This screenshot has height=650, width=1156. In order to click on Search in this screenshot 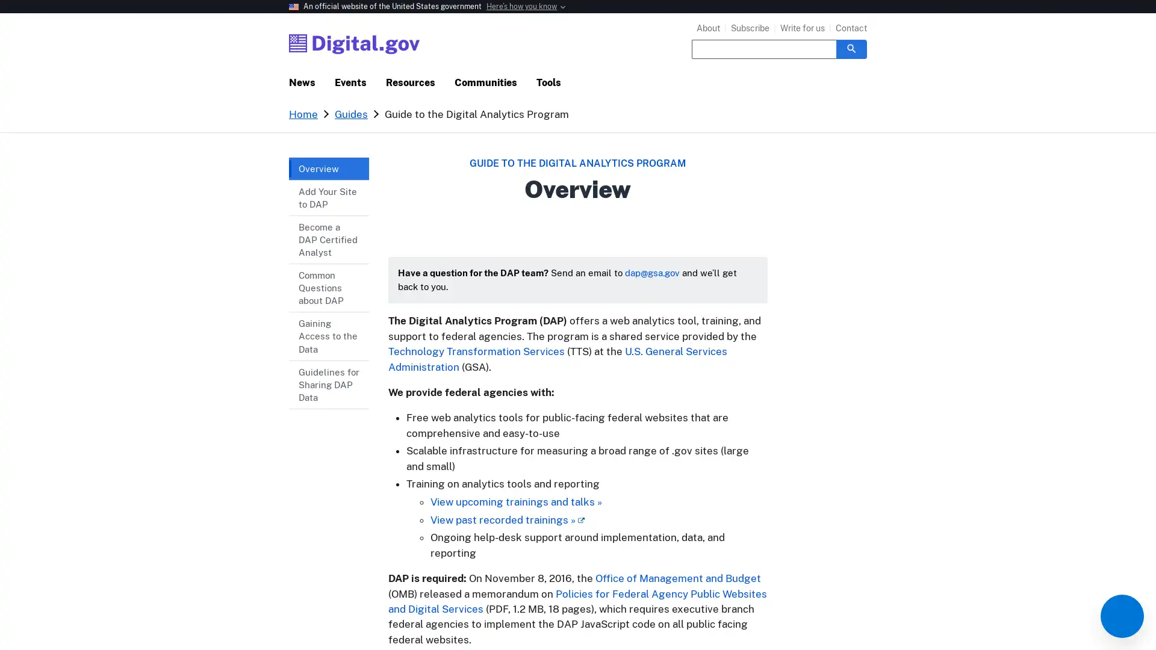, I will do `click(851, 48)`.